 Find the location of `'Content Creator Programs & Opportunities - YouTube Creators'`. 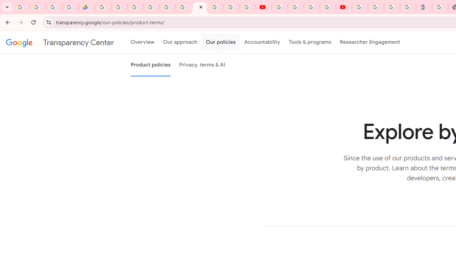

'Content Creator Programs & Opportunities - YouTube Creators' is located at coordinates (344, 7).